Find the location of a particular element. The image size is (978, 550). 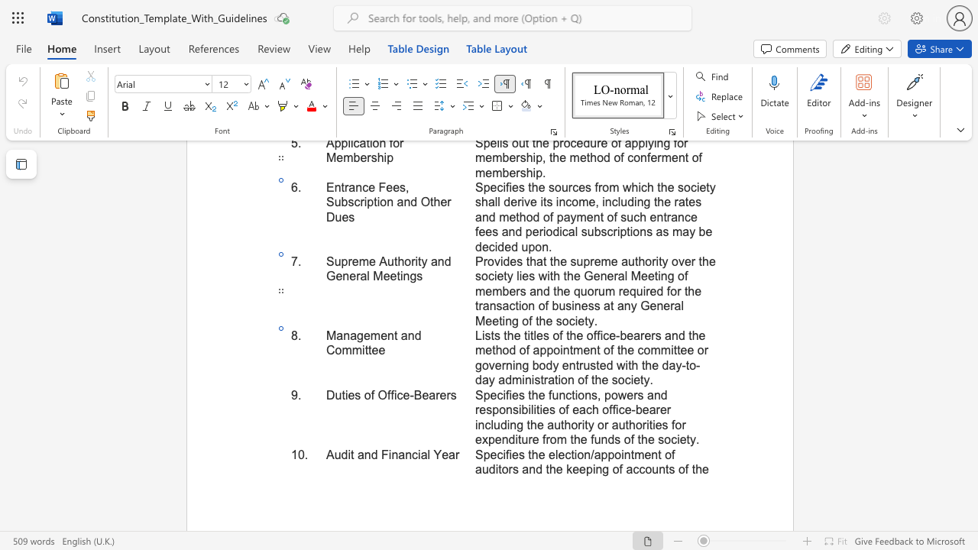

the 3th character "a" in the text is located at coordinates (404, 335).